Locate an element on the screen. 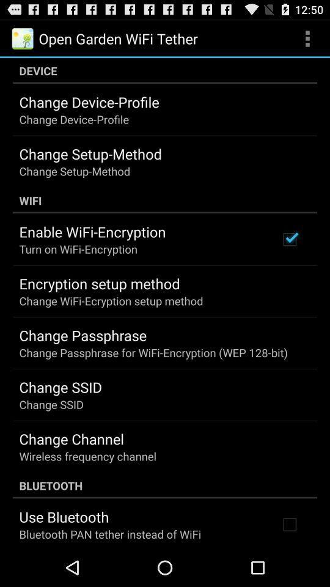 The image size is (330, 587). change channel is located at coordinates (71, 438).